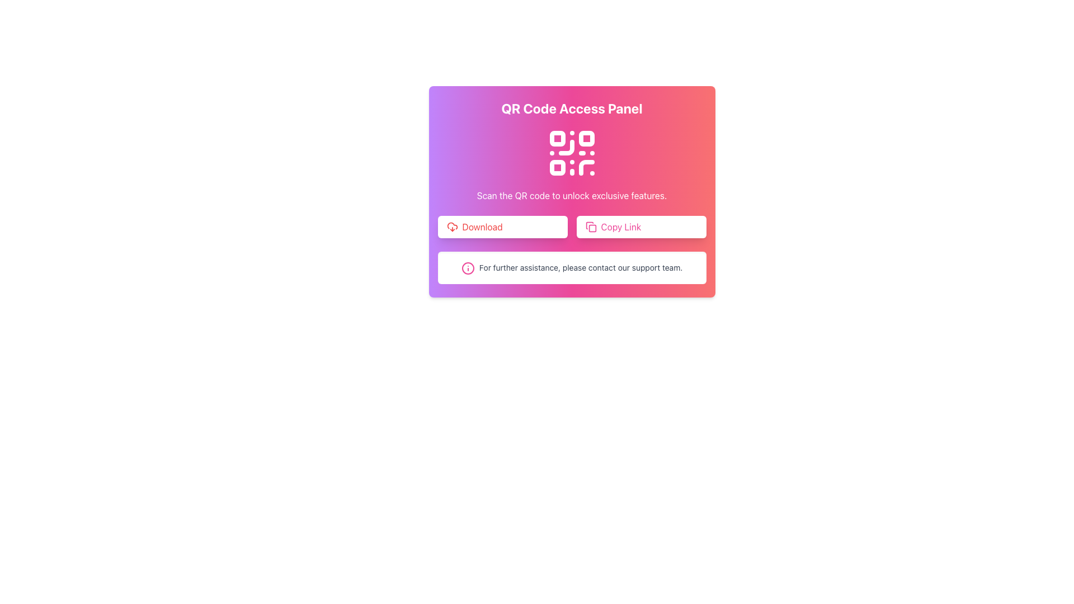 This screenshot has height=604, width=1074. I want to click on the first square-shaped graphical object with rounded corners in the top-left quadrant of the QR code depiction within the modal window, so click(557, 138).